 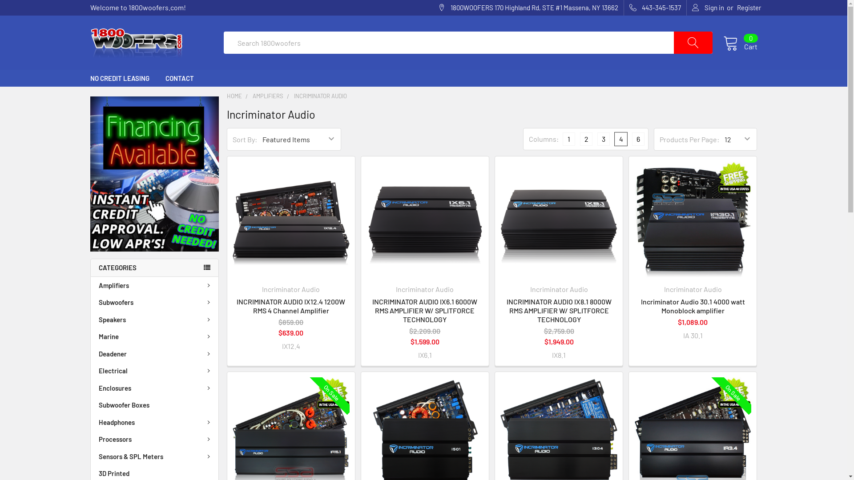 I want to click on 'Headphones', so click(x=90, y=422).